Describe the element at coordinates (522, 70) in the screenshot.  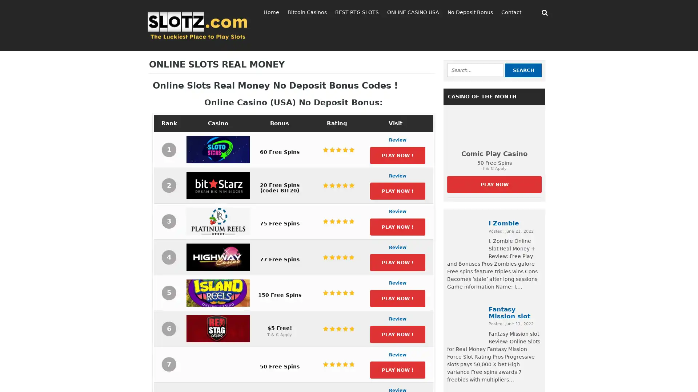
I see `Search` at that location.